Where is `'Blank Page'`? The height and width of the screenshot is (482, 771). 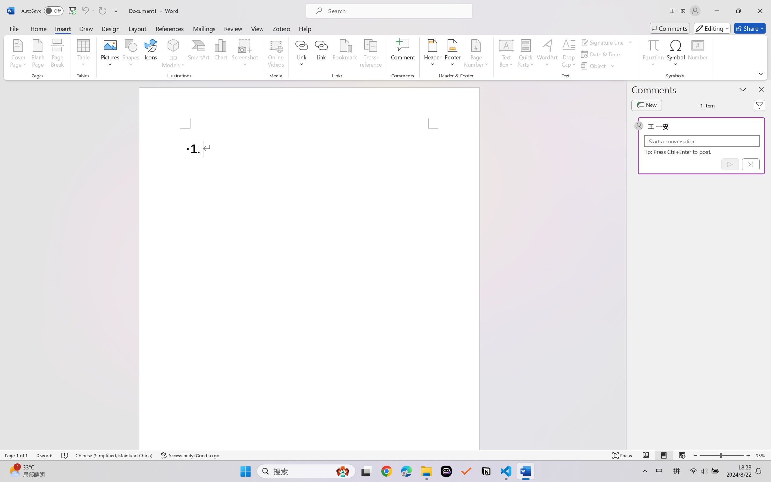
'Blank Page' is located at coordinates (37, 54).